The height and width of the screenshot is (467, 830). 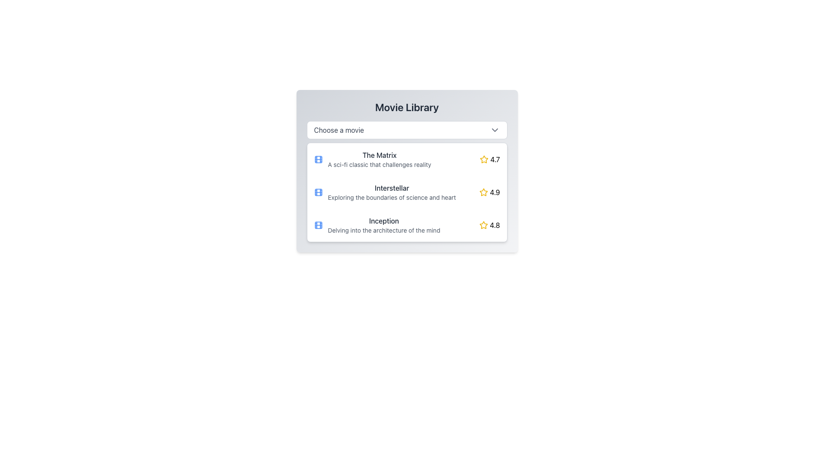 What do you see at coordinates (383, 224) in the screenshot?
I see `text display titled 'Inception' with the description 'Delving into the architecture of the mind' located within the Movie Library card` at bounding box center [383, 224].